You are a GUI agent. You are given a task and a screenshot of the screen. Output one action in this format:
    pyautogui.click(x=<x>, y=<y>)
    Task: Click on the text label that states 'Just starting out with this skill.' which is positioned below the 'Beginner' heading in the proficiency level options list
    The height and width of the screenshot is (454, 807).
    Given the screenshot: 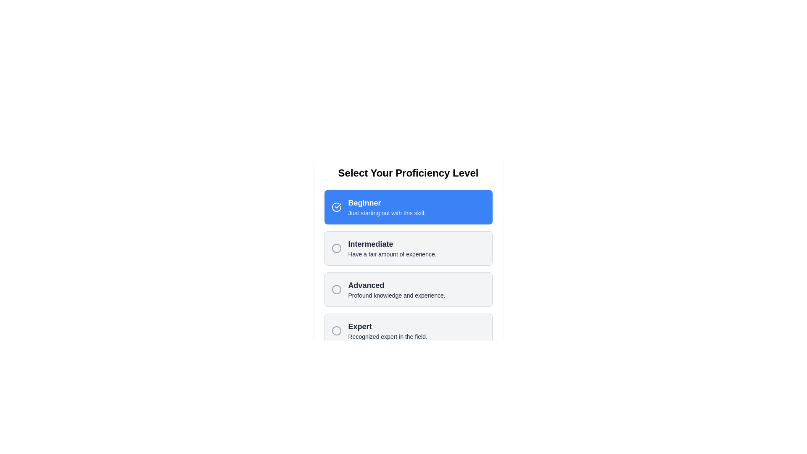 What is the action you would take?
    pyautogui.click(x=386, y=212)
    